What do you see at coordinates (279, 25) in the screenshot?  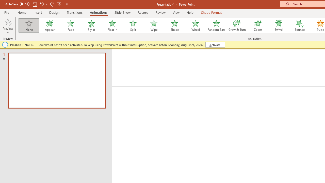 I see `'Swivel'` at bounding box center [279, 25].